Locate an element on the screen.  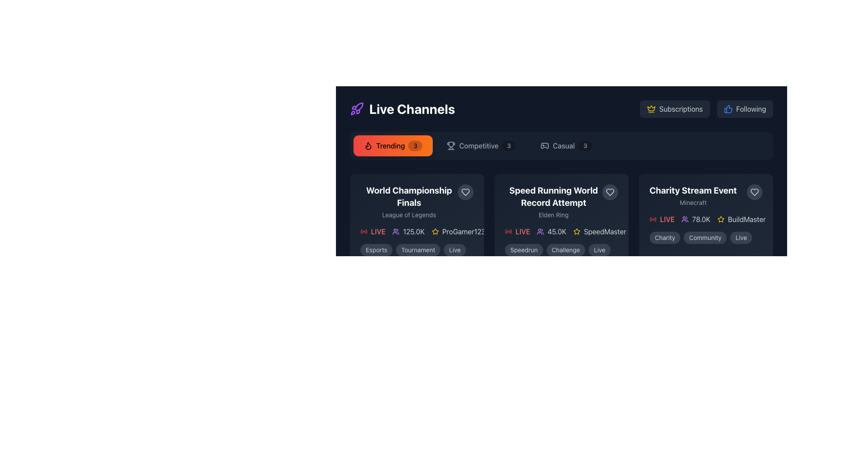
the numeral '3' inside the circular button indicating notifications for the 'Trending' section is located at coordinates (415, 145).